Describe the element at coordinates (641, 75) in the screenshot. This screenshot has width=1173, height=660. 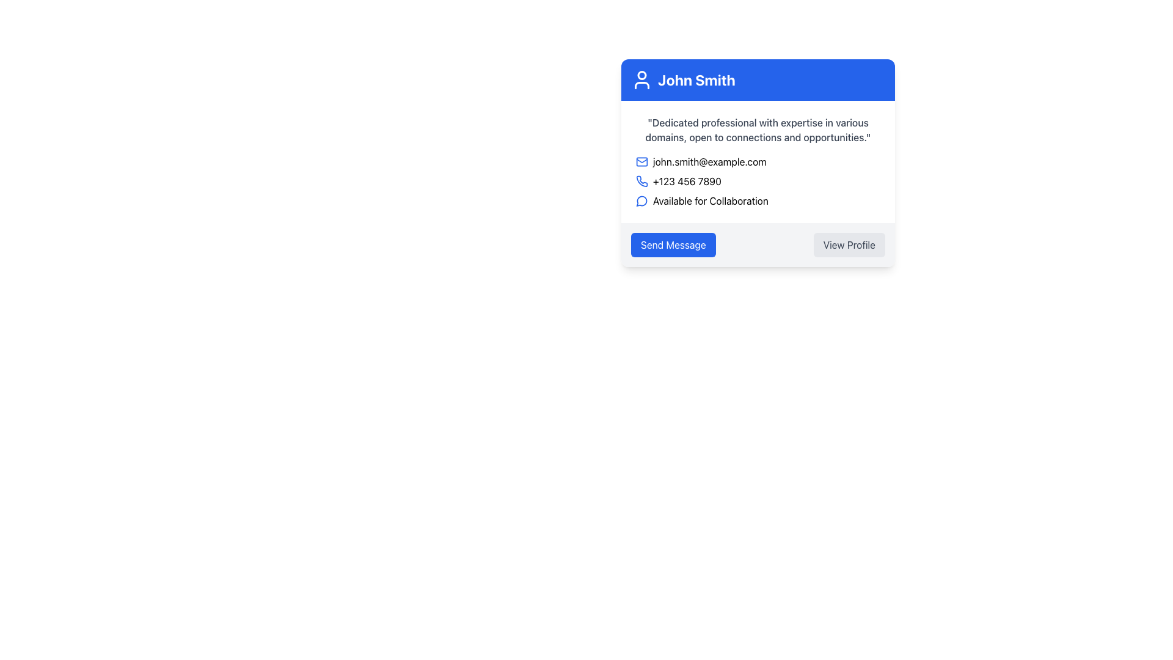
I see `the circular head icon representing a user avatar, which is part of a user profile card and is located at the upper-left corner of the avatar icon group` at that location.